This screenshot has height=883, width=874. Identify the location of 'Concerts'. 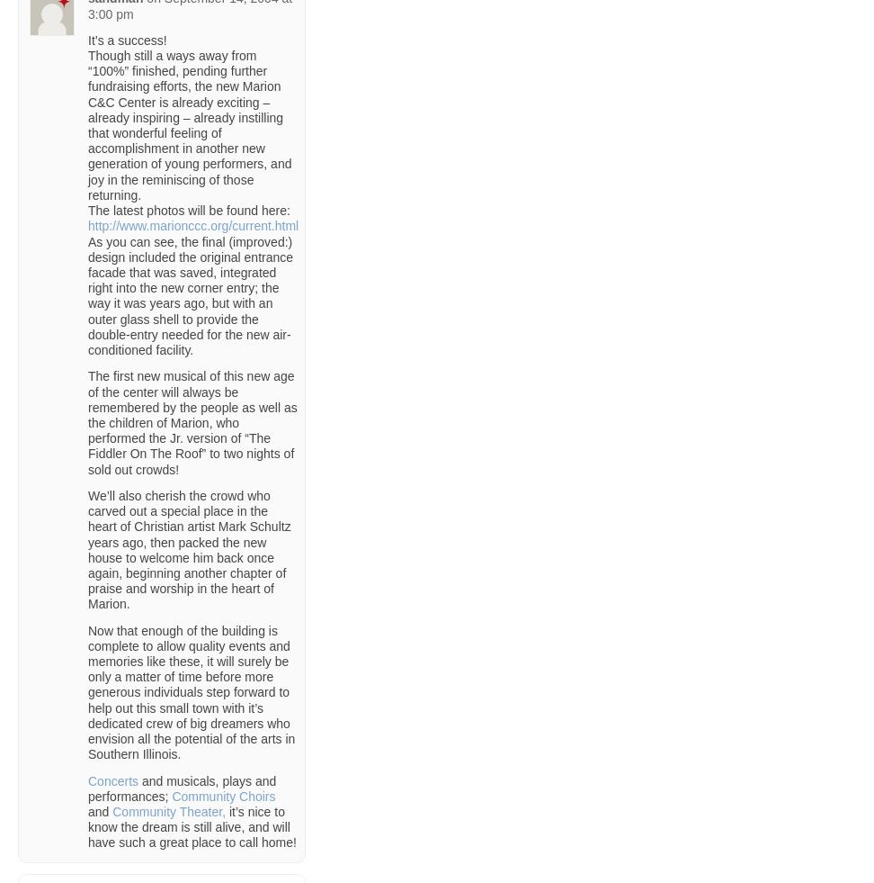
(112, 780).